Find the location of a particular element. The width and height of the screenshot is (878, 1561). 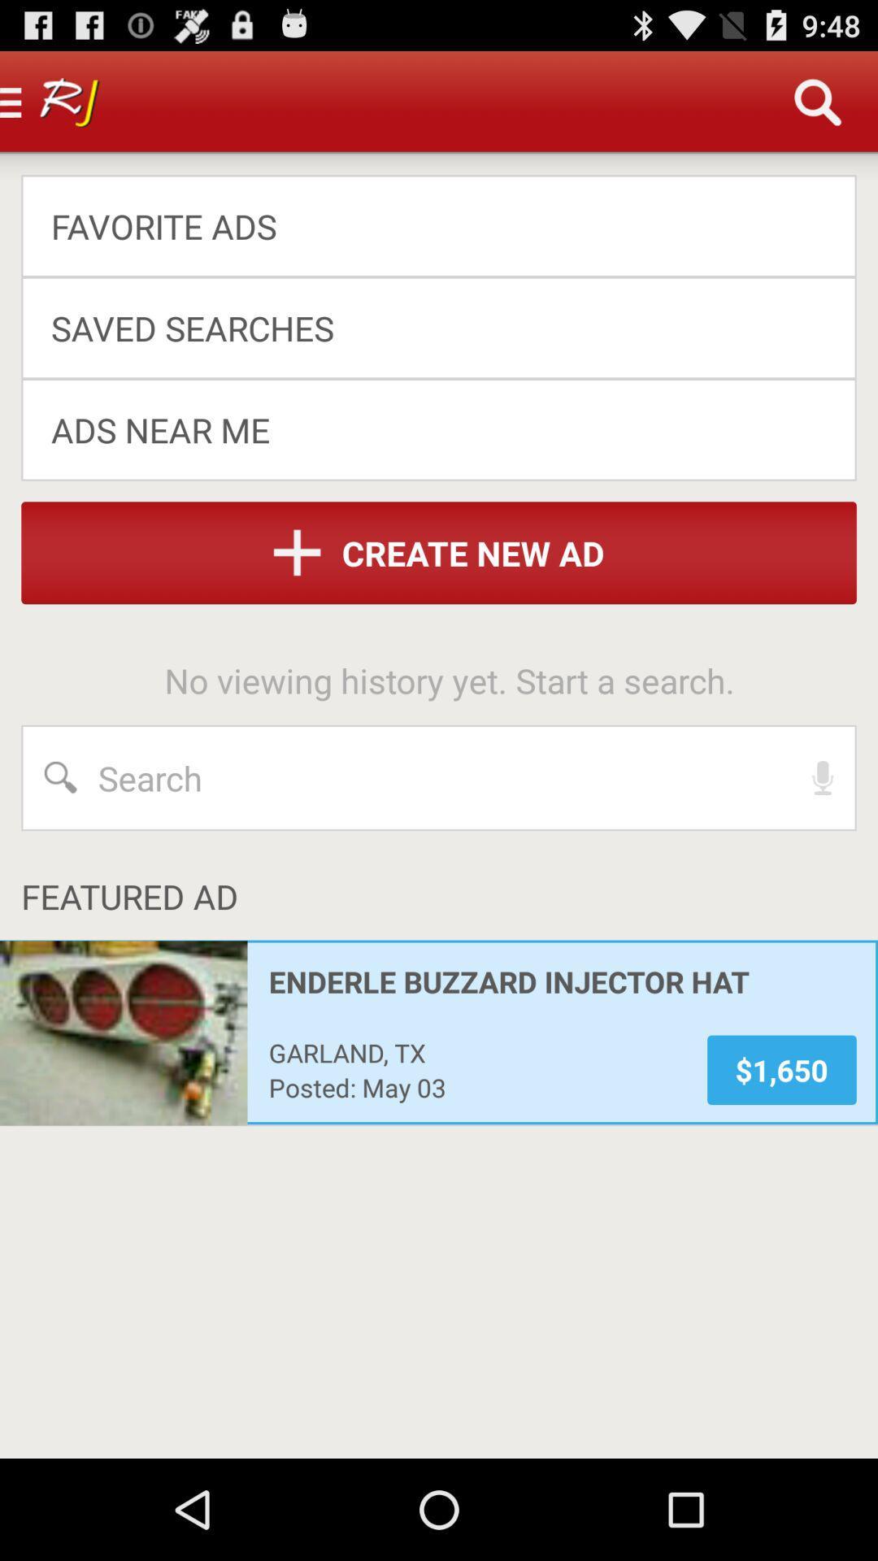

microphone is located at coordinates (823, 776).